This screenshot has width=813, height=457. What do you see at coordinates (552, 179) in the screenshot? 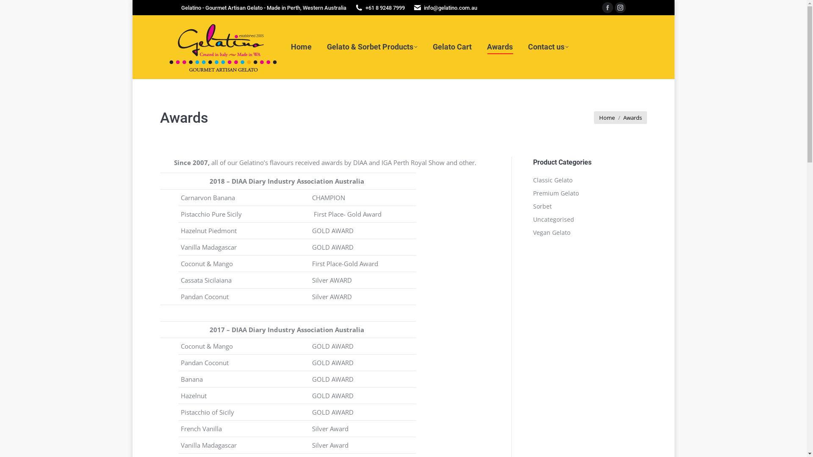
I see `'Classic Gelato'` at bounding box center [552, 179].